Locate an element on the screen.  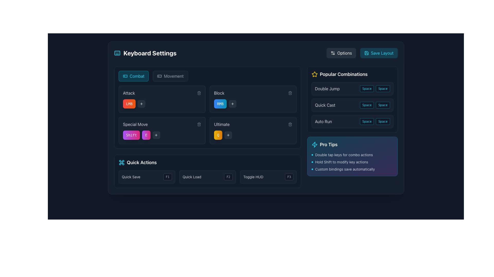
the 'Popular Combinations' informational module which has a dark background and rounded border, containing list items and a 'Space' button is located at coordinates (352, 100).